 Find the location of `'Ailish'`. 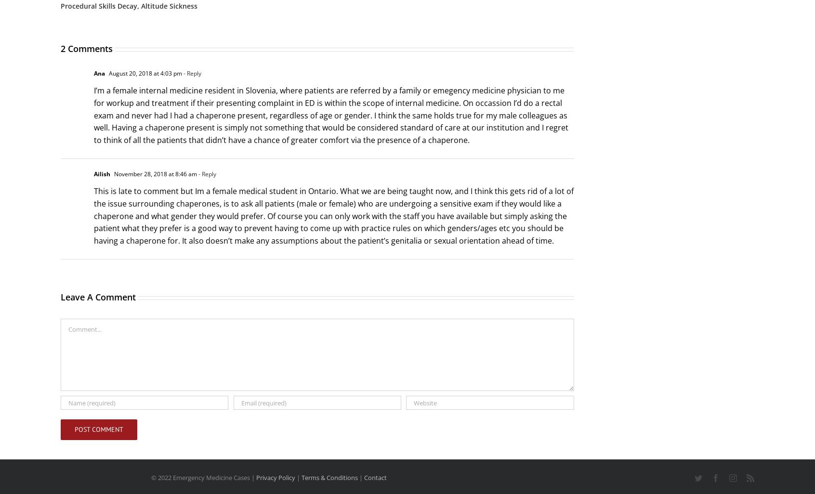

'Ailish' is located at coordinates (93, 174).